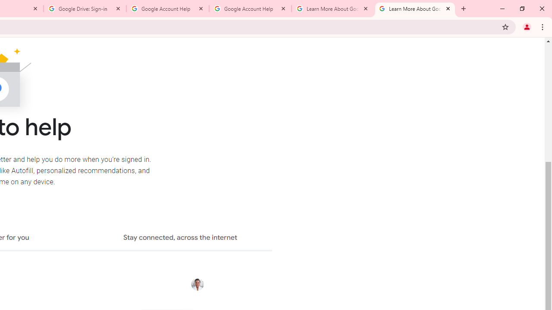  Describe the element at coordinates (179, 239) in the screenshot. I see `'Stay connected, across the internet'` at that location.